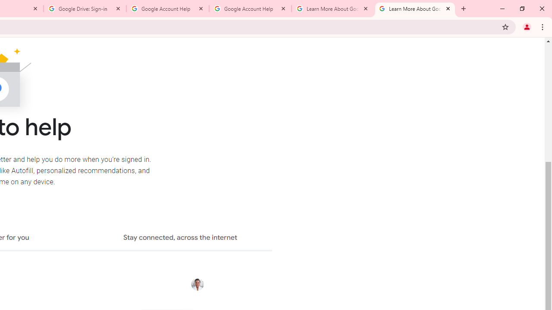  Describe the element at coordinates (179, 239) in the screenshot. I see `'Stay connected, across the internet'` at that location.